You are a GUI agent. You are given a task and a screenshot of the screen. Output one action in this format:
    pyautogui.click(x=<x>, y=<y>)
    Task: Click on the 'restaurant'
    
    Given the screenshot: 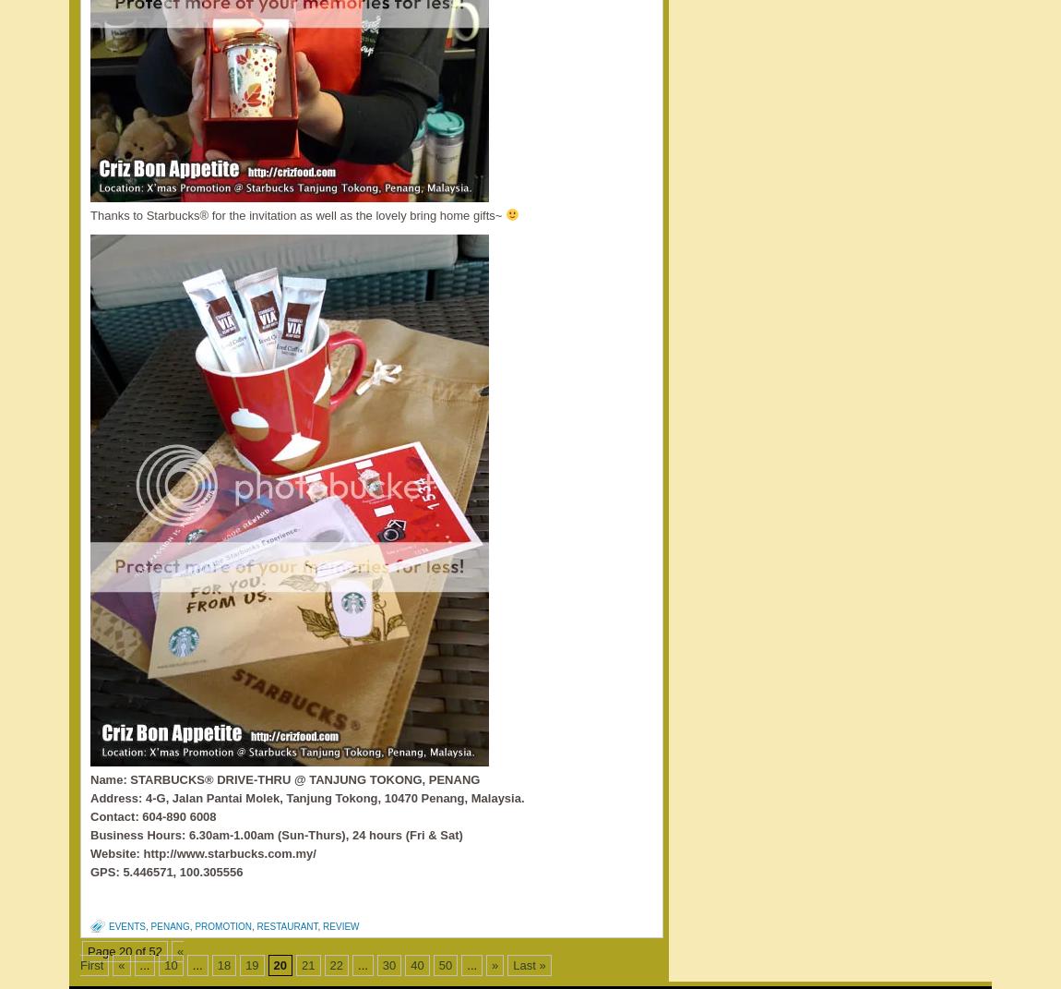 What is the action you would take?
    pyautogui.click(x=286, y=926)
    